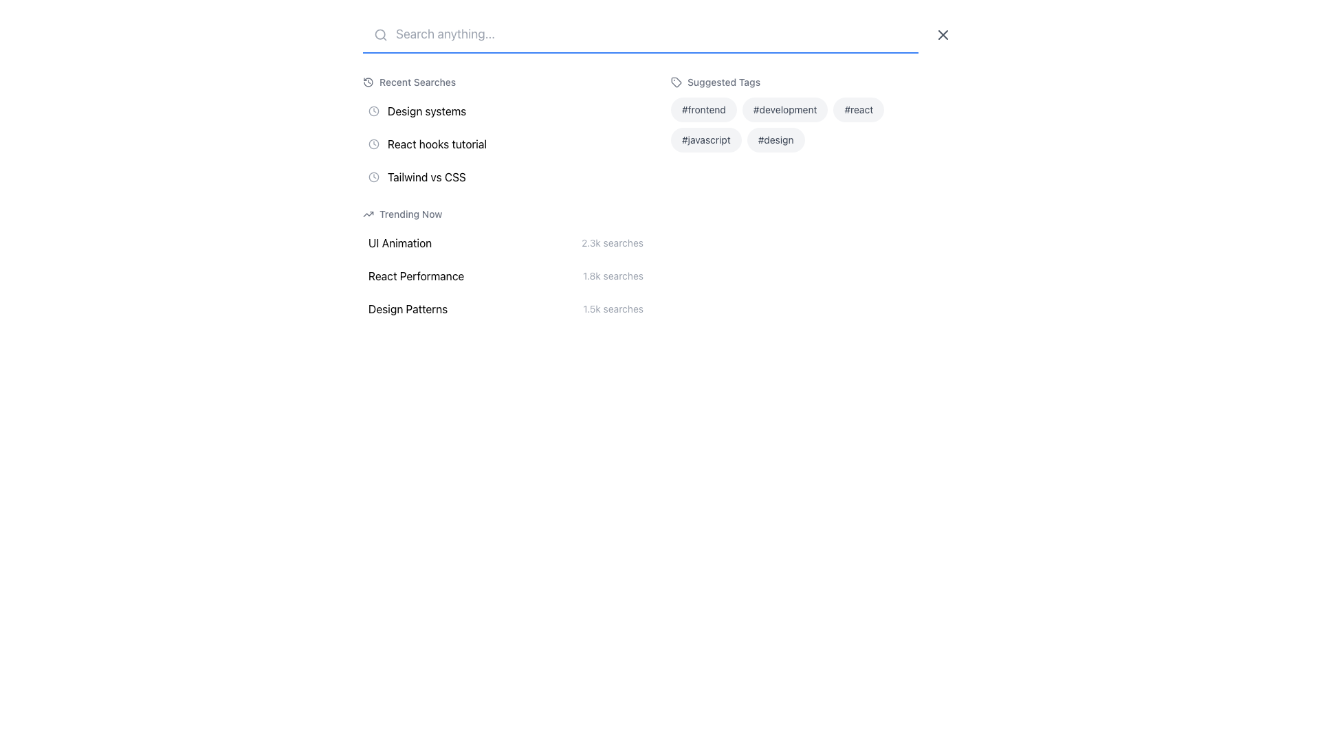  Describe the element at coordinates (373, 111) in the screenshot. I see `the circle element rendered within the SVG icon, which is part of the 'Recent Searches' list item associated with 'Design systems'` at that location.